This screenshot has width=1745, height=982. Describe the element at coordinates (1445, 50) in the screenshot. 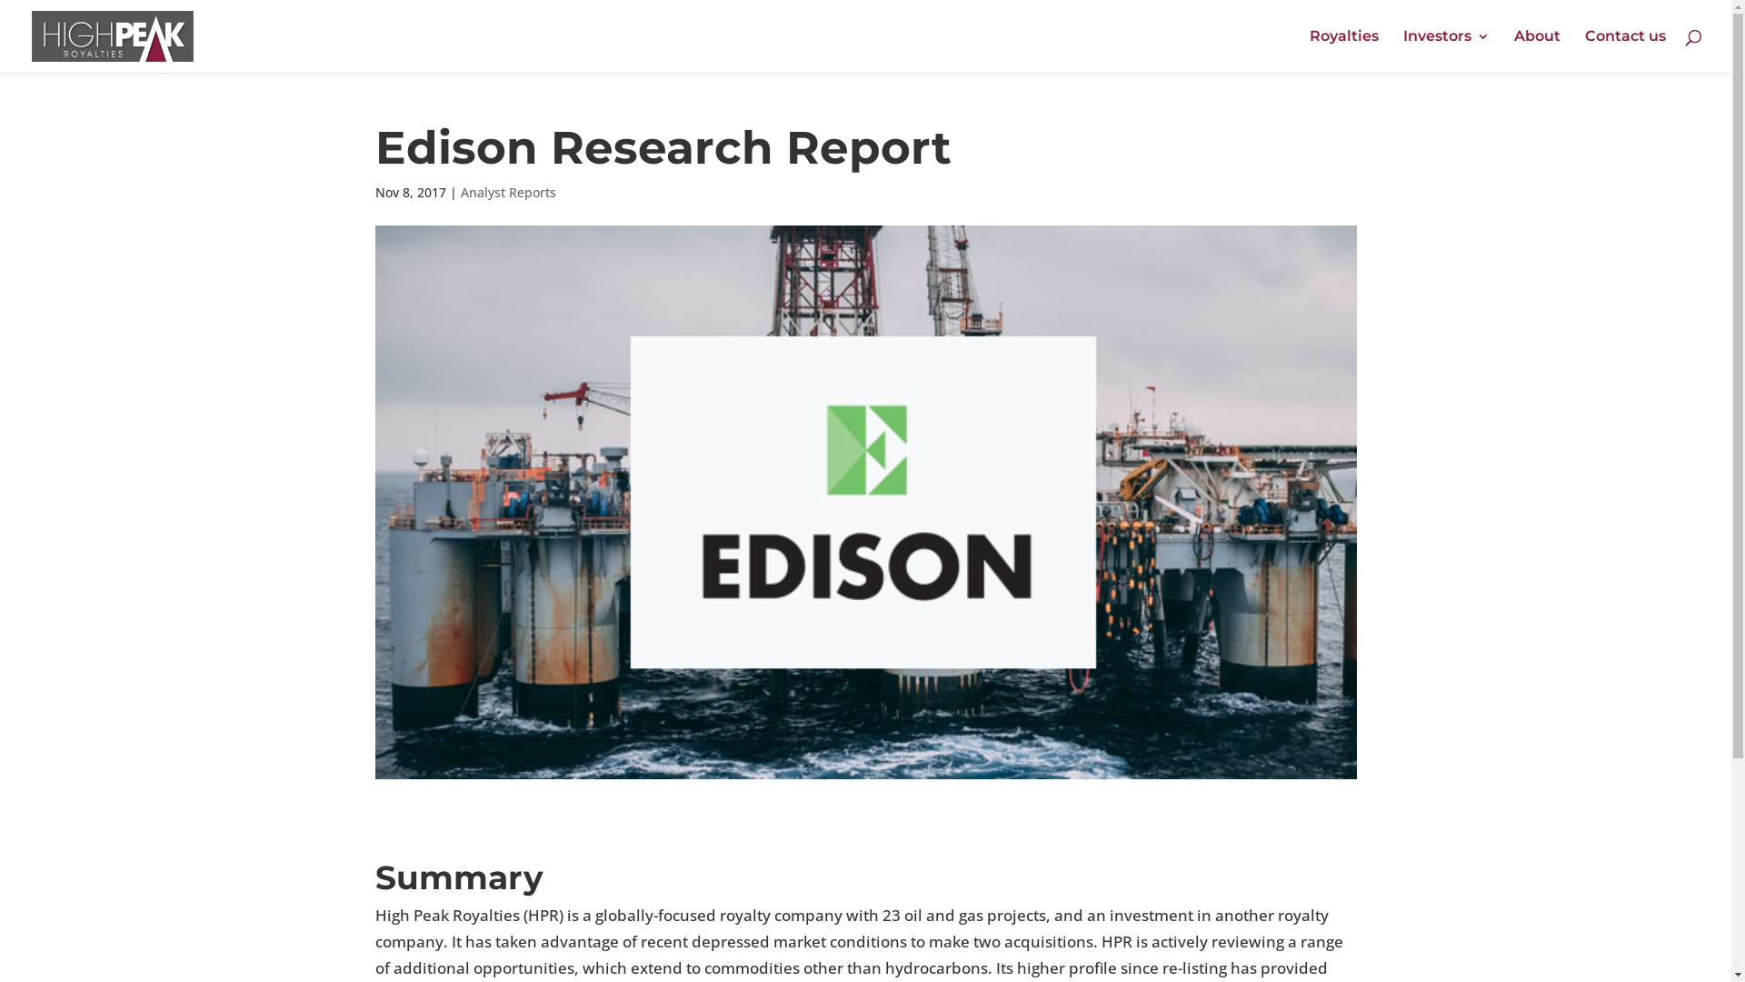

I see `'Investors'` at that location.